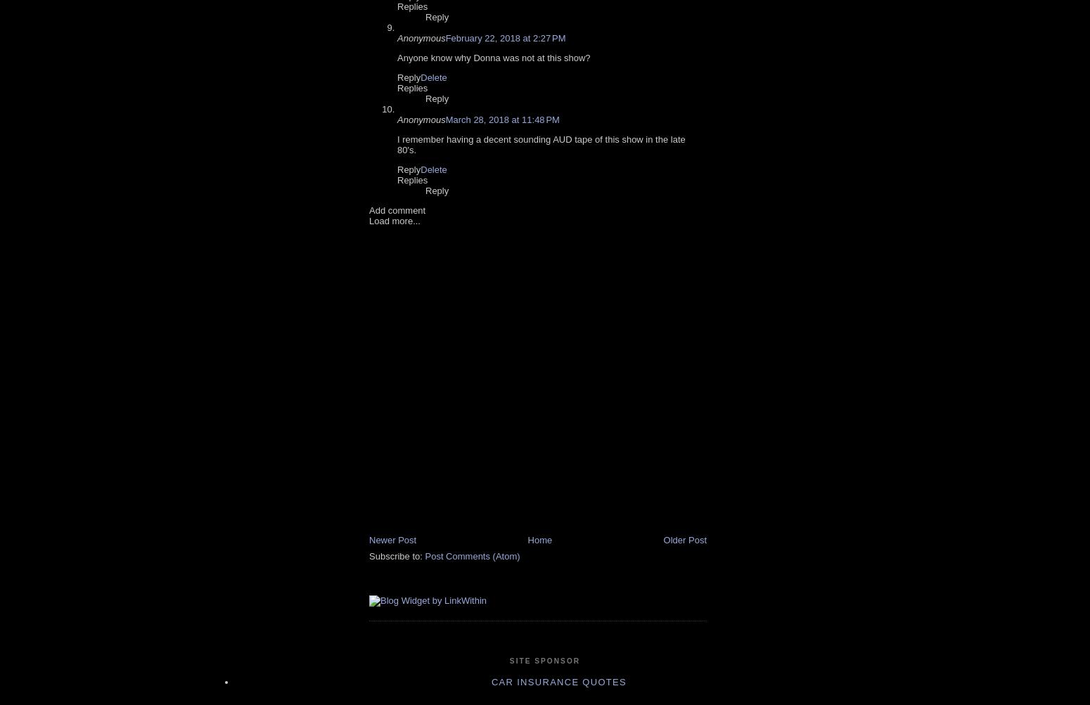 This screenshot has height=705, width=1090. Describe the element at coordinates (489, 680) in the screenshot. I see `'car insurance quotes'` at that location.